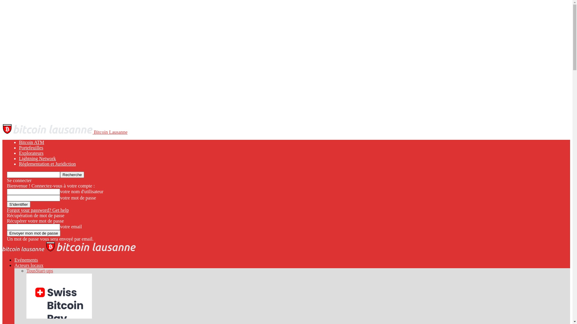  What do you see at coordinates (31, 142) in the screenshot?
I see `'Bitcoin ATM'` at bounding box center [31, 142].